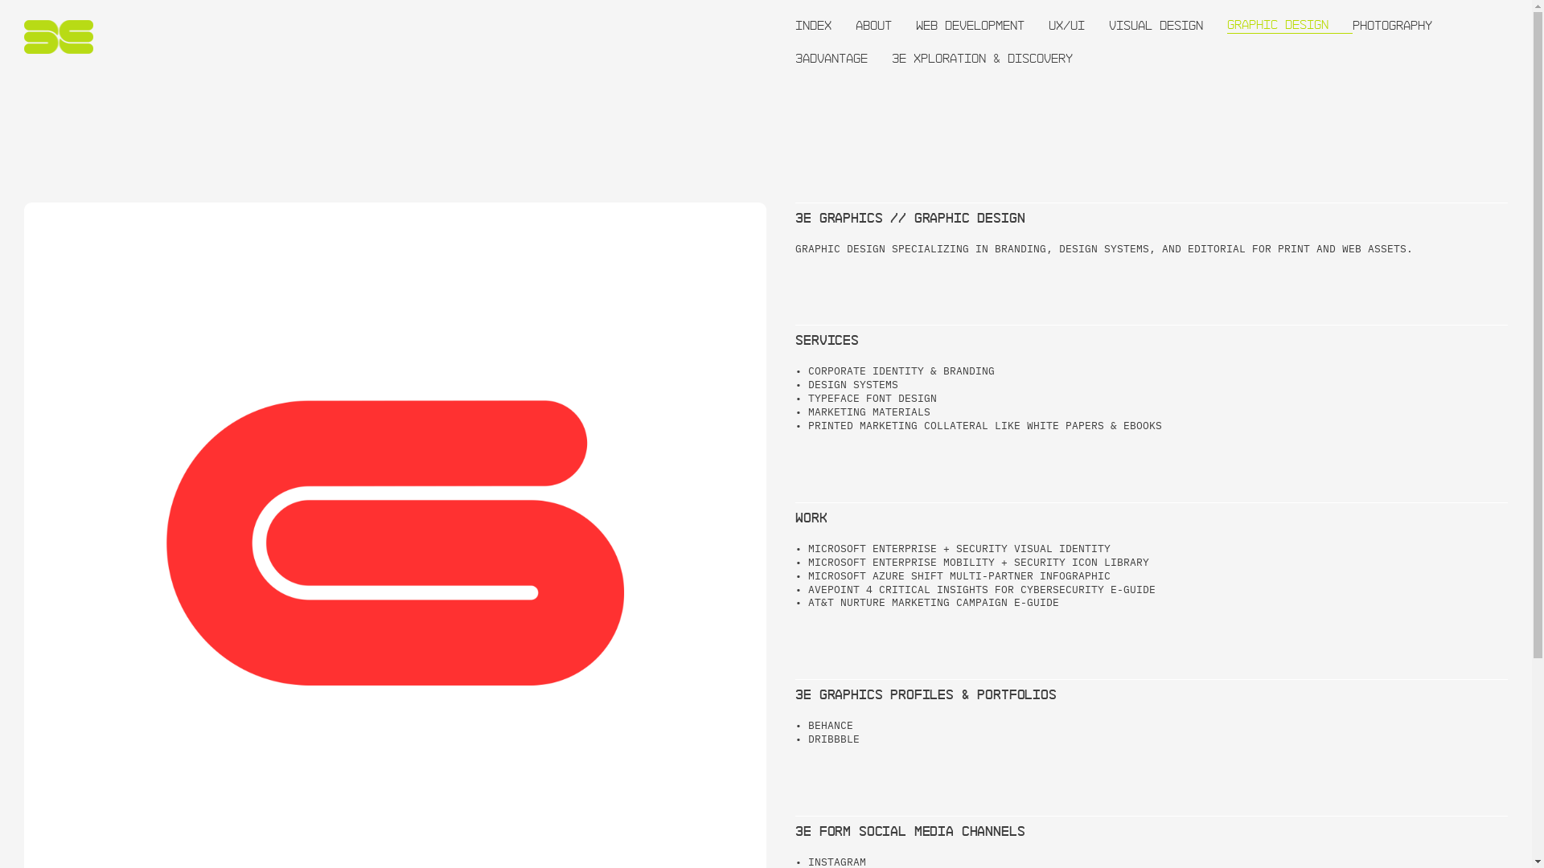 Image resolution: width=1544 pixels, height=868 pixels. What do you see at coordinates (1289, 16) in the screenshot?
I see `'GRAPHIC DESIGN'` at bounding box center [1289, 16].